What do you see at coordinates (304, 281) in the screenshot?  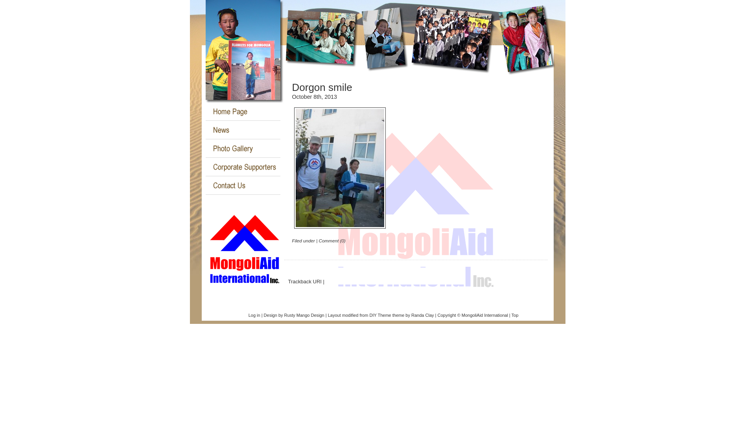 I see `'Trackback URI'` at bounding box center [304, 281].